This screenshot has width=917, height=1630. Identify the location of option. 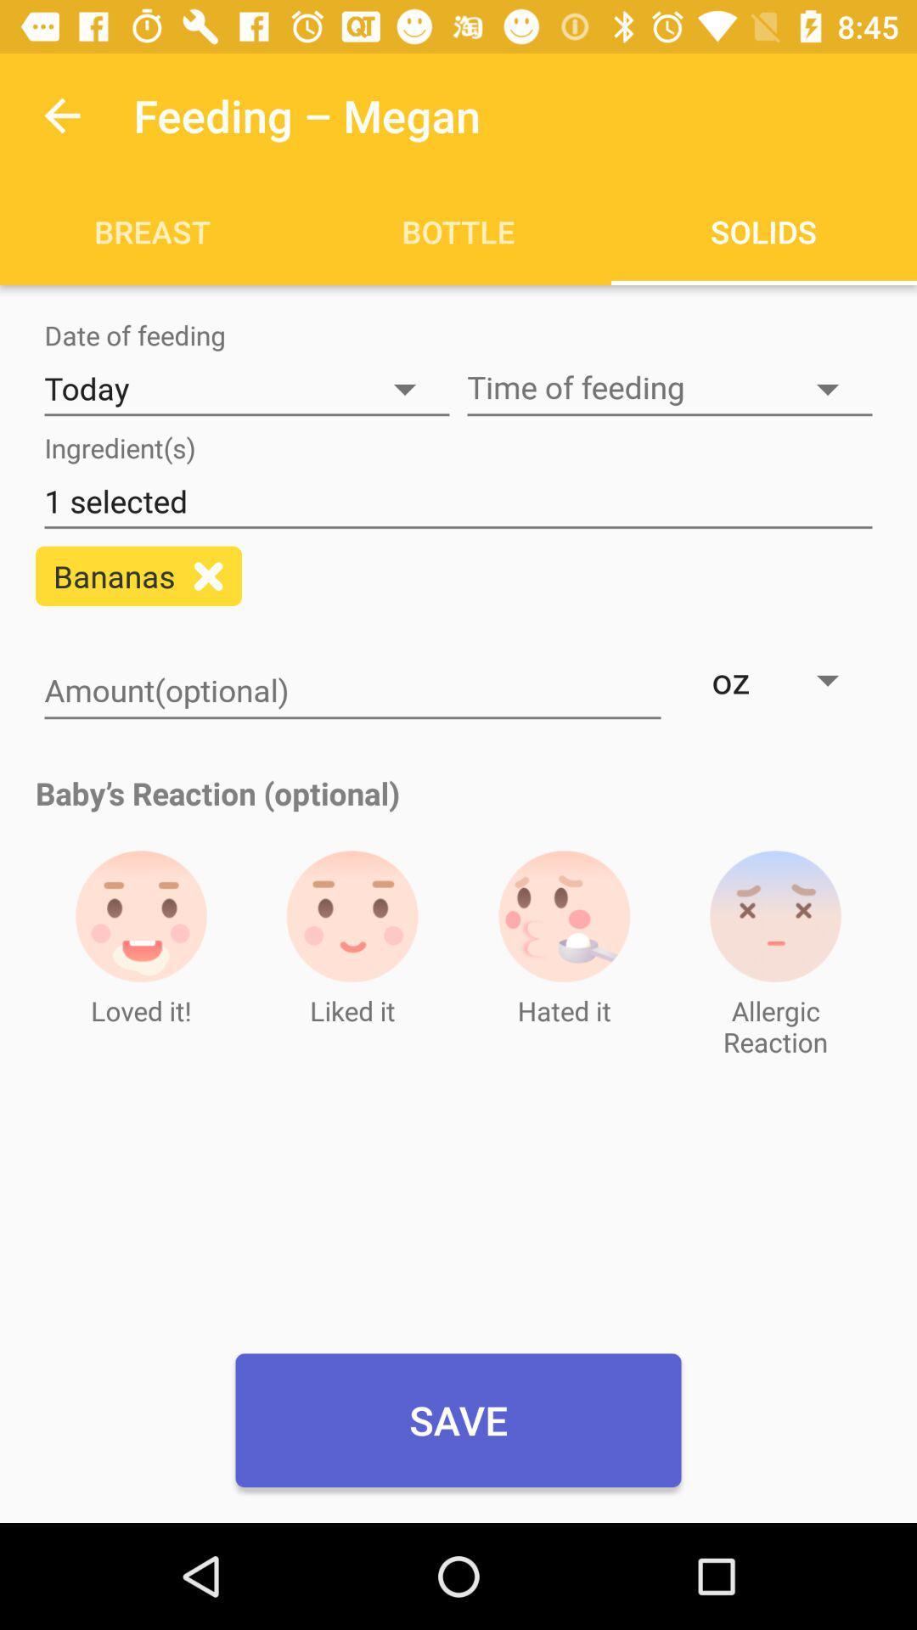
(207, 576).